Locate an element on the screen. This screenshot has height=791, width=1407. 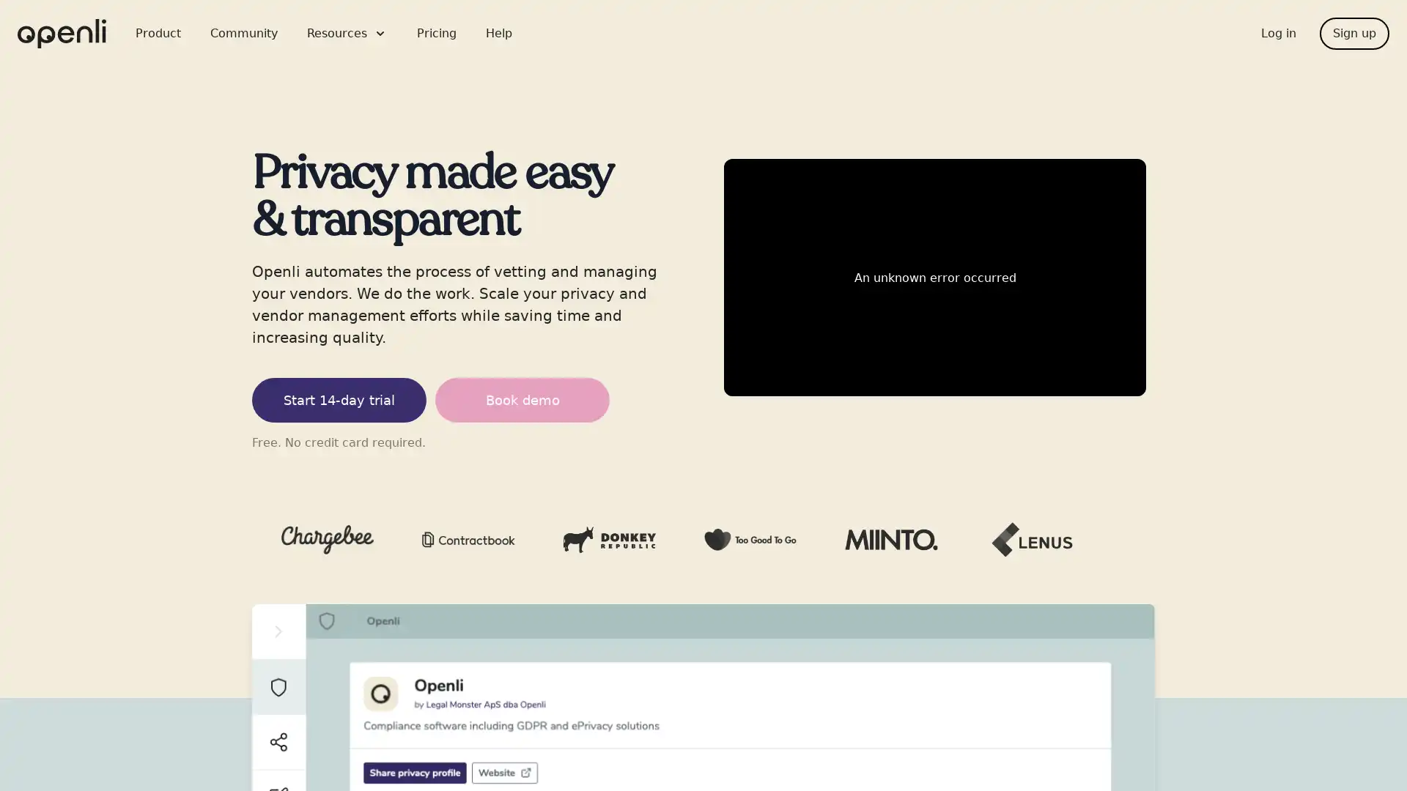
Resources is located at coordinates (347, 33).